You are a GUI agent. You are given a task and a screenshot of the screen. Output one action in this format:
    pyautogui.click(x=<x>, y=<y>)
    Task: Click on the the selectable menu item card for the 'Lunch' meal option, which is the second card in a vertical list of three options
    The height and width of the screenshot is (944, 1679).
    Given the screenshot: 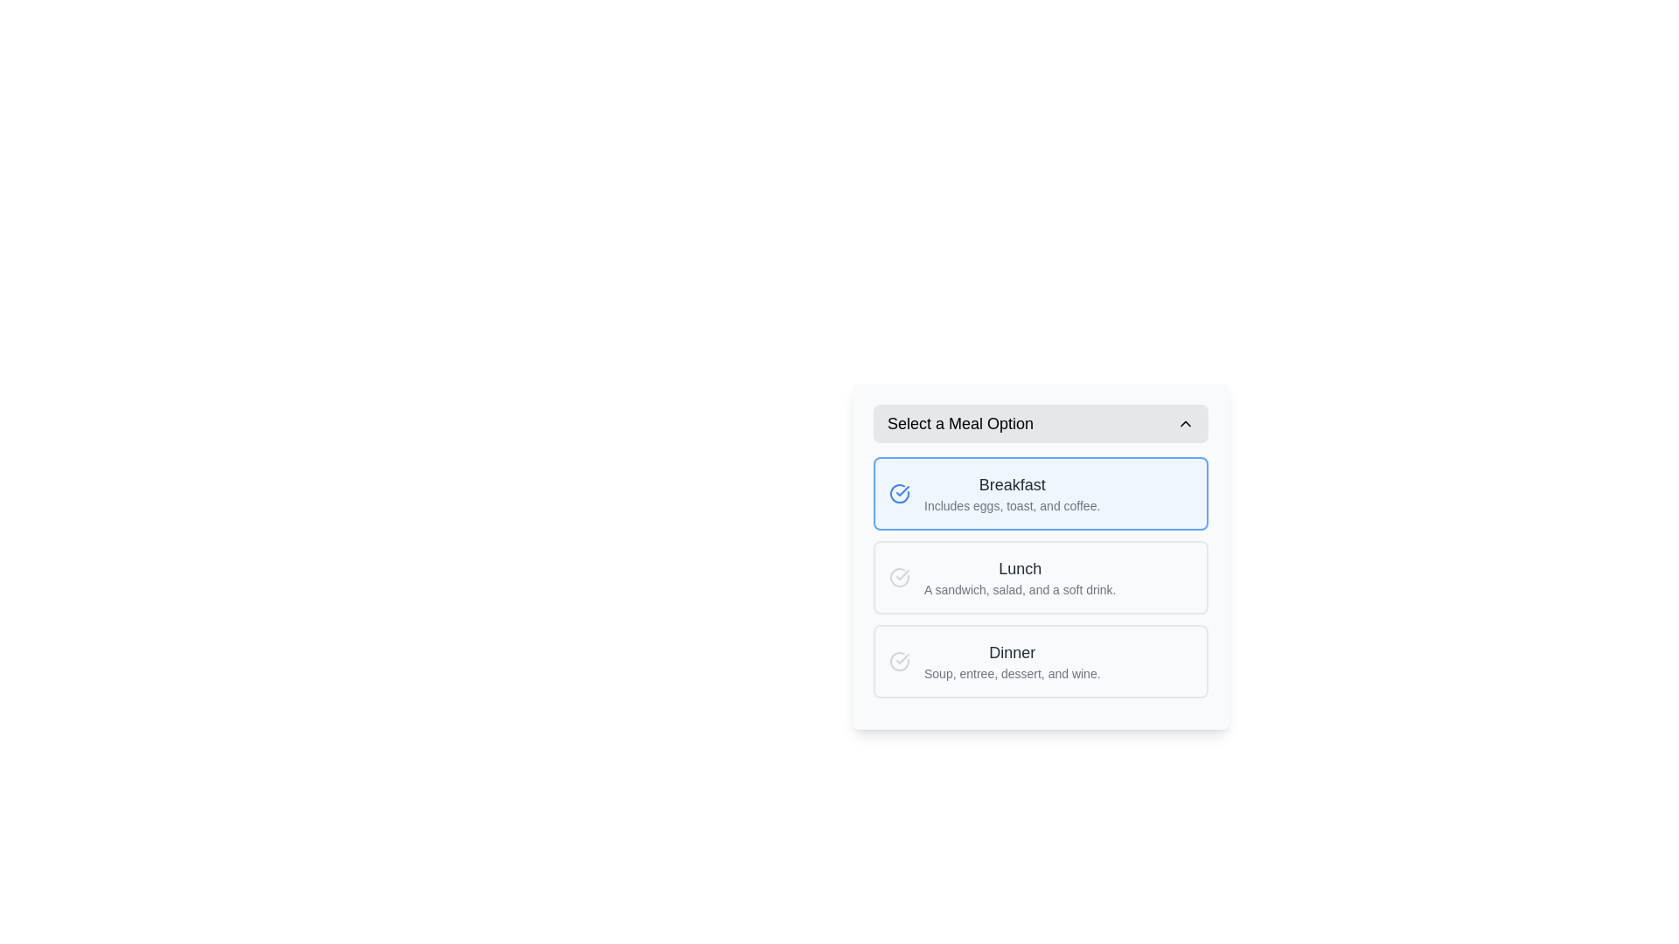 What is the action you would take?
    pyautogui.click(x=1041, y=556)
    